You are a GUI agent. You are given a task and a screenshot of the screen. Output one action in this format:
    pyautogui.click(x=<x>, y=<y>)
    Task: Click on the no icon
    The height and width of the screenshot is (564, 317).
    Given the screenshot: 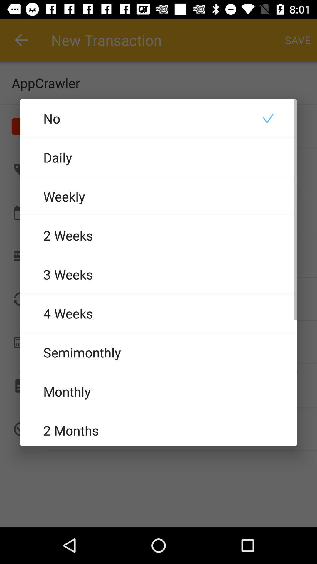 What is the action you would take?
    pyautogui.click(x=158, y=118)
    